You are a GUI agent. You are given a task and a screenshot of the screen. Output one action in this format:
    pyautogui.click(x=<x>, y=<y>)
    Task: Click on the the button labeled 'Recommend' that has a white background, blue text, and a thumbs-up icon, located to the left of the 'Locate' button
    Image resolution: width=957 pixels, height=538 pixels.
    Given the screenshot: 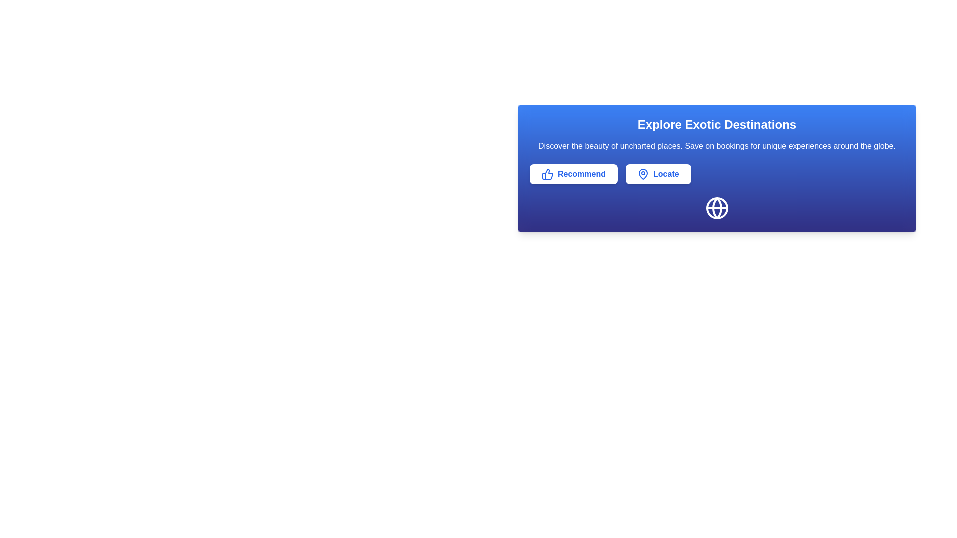 What is the action you would take?
    pyautogui.click(x=574, y=174)
    